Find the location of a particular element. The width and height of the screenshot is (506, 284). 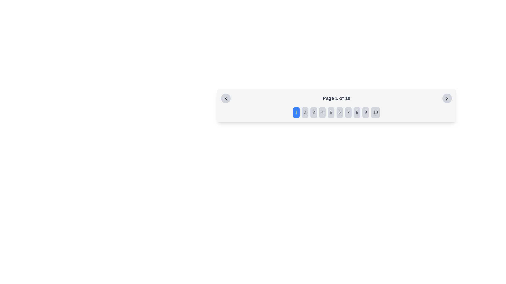

the pagination button labeled '2' is located at coordinates (305, 112).